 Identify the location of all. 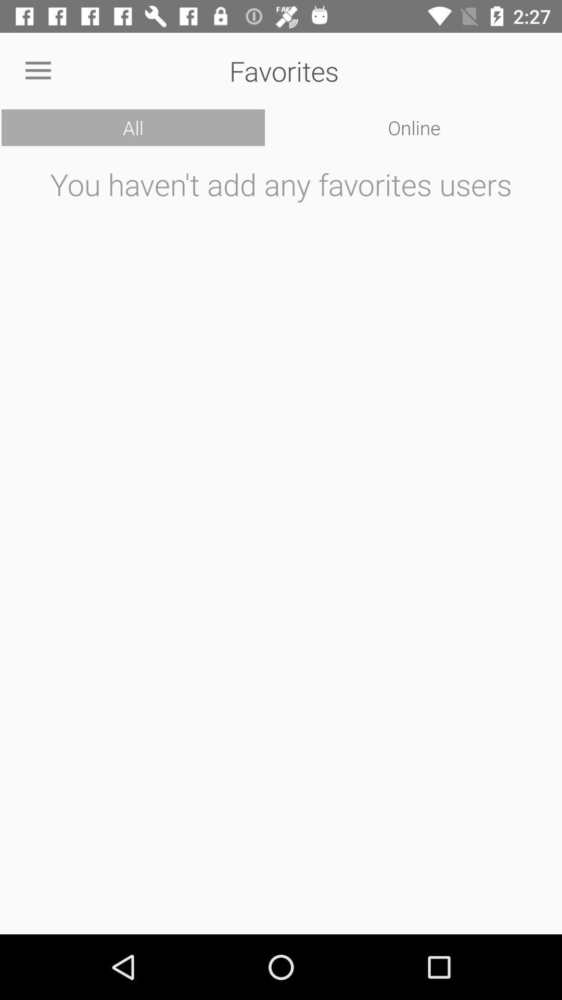
(133, 127).